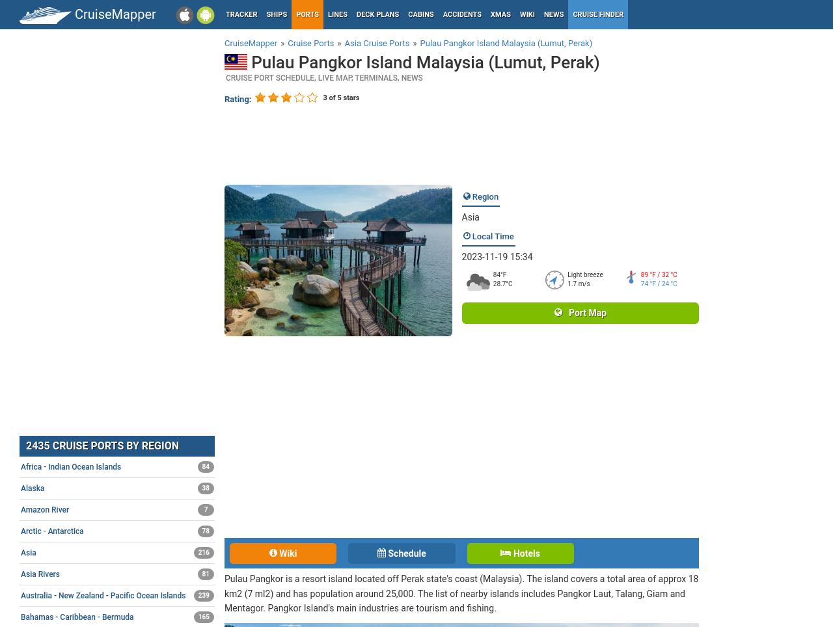  What do you see at coordinates (52, 530) in the screenshot?
I see `'Arctic - Antarctica'` at bounding box center [52, 530].